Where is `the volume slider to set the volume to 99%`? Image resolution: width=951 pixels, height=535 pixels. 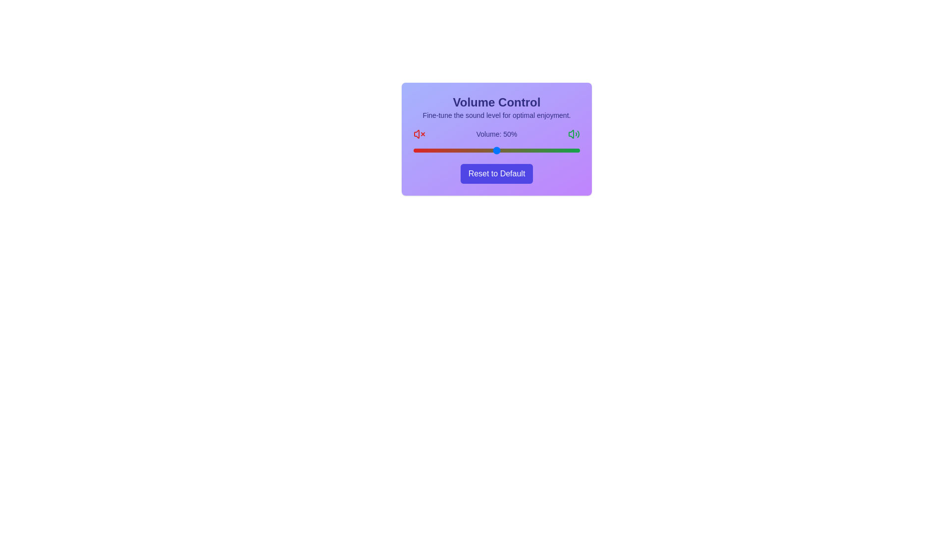 the volume slider to set the volume to 99% is located at coordinates (578, 151).